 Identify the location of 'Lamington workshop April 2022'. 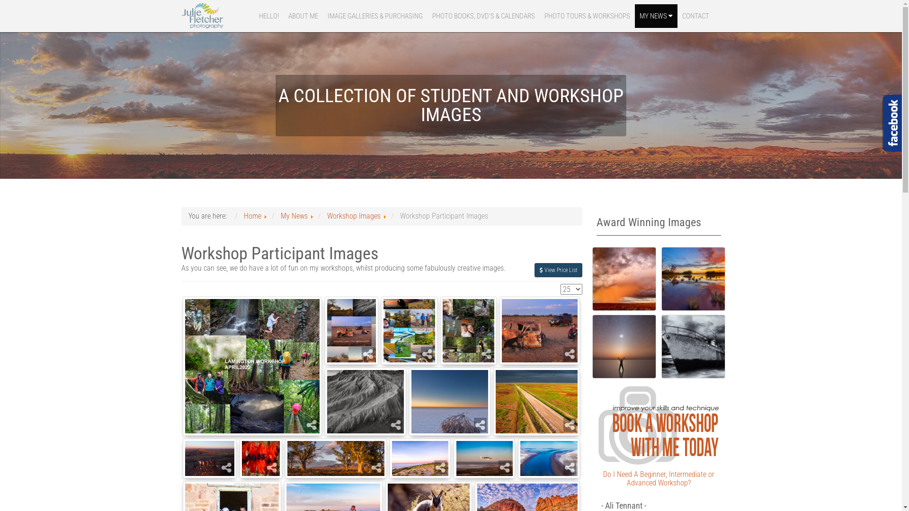
(252, 366).